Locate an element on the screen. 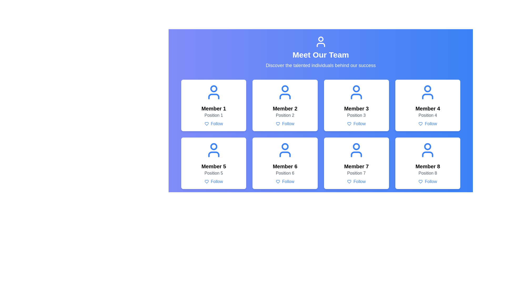 The width and height of the screenshot is (505, 284). the head portion of the avatar graphic representing 'Member 5' located in the bottom-left quadrant of the grid layout is located at coordinates (214, 146).